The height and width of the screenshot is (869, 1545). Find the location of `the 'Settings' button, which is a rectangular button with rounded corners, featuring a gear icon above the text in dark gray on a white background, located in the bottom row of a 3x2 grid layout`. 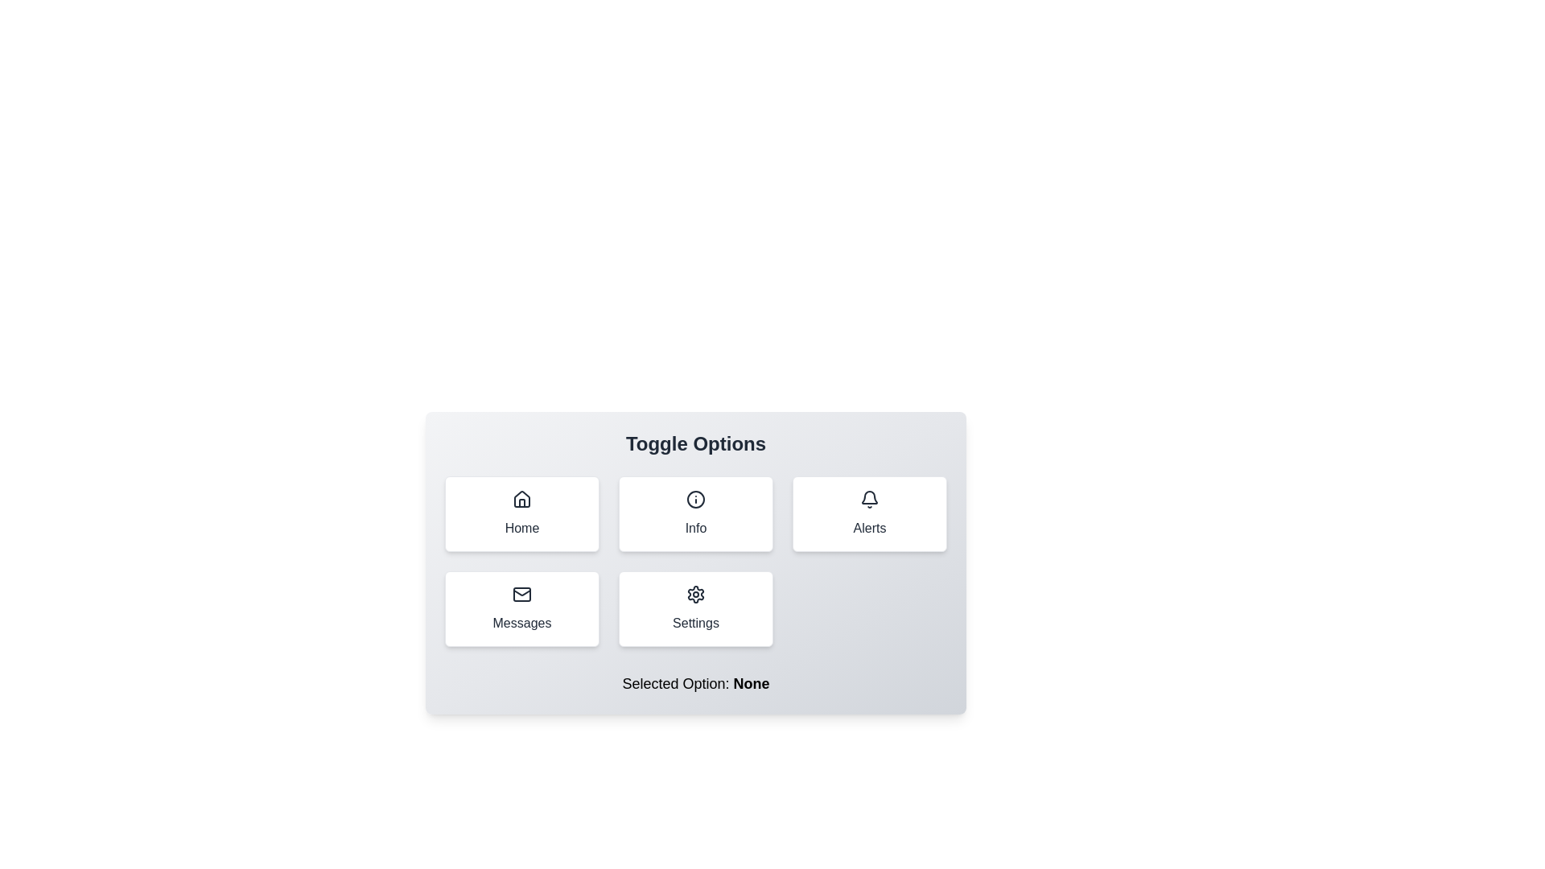

the 'Settings' button, which is a rectangular button with rounded corners, featuring a gear icon above the text in dark gray on a white background, located in the bottom row of a 3x2 grid layout is located at coordinates (695, 608).